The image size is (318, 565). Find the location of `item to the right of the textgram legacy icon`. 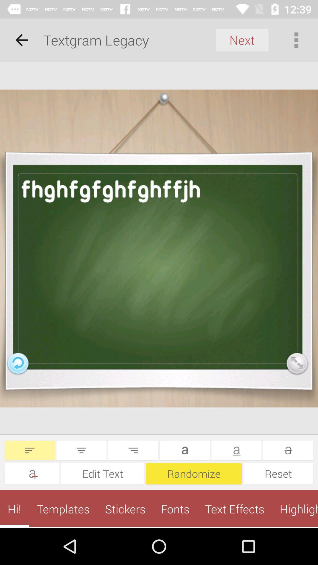

item to the right of the textgram legacy icon is located at coordinates (242, 40).